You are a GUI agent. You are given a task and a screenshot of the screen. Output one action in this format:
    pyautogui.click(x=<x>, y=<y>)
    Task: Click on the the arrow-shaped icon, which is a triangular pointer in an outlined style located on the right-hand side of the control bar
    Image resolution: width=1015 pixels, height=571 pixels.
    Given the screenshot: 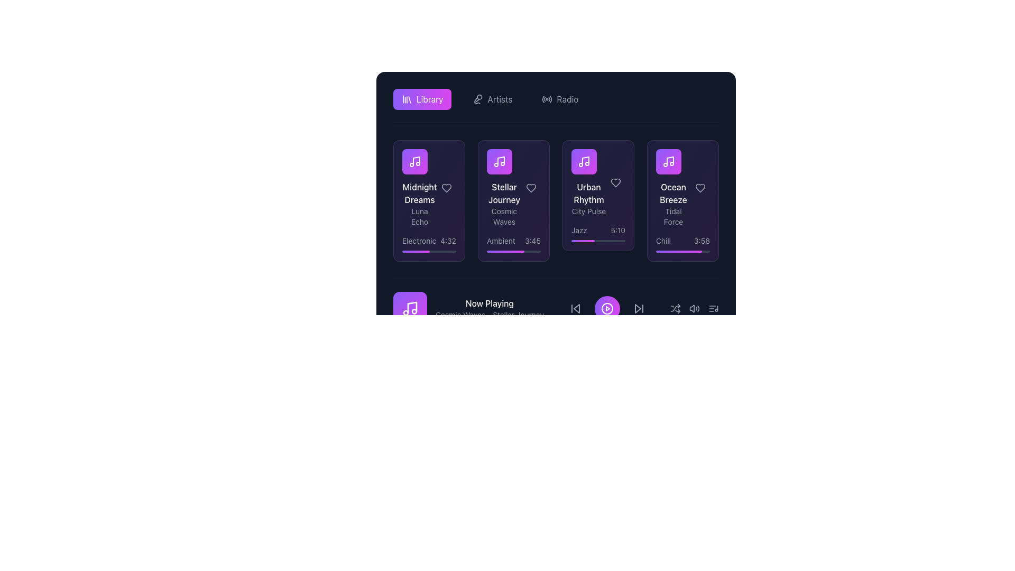 What is the action you would take?
    pyautogui.click(x=637, y=308)
    